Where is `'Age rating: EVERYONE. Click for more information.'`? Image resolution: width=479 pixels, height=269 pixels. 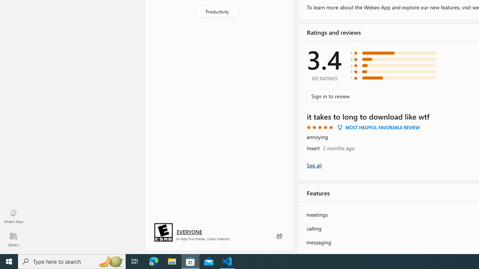
'Age rating: EVERYONE. Click for more information.' is located at coordinates (189, 231).